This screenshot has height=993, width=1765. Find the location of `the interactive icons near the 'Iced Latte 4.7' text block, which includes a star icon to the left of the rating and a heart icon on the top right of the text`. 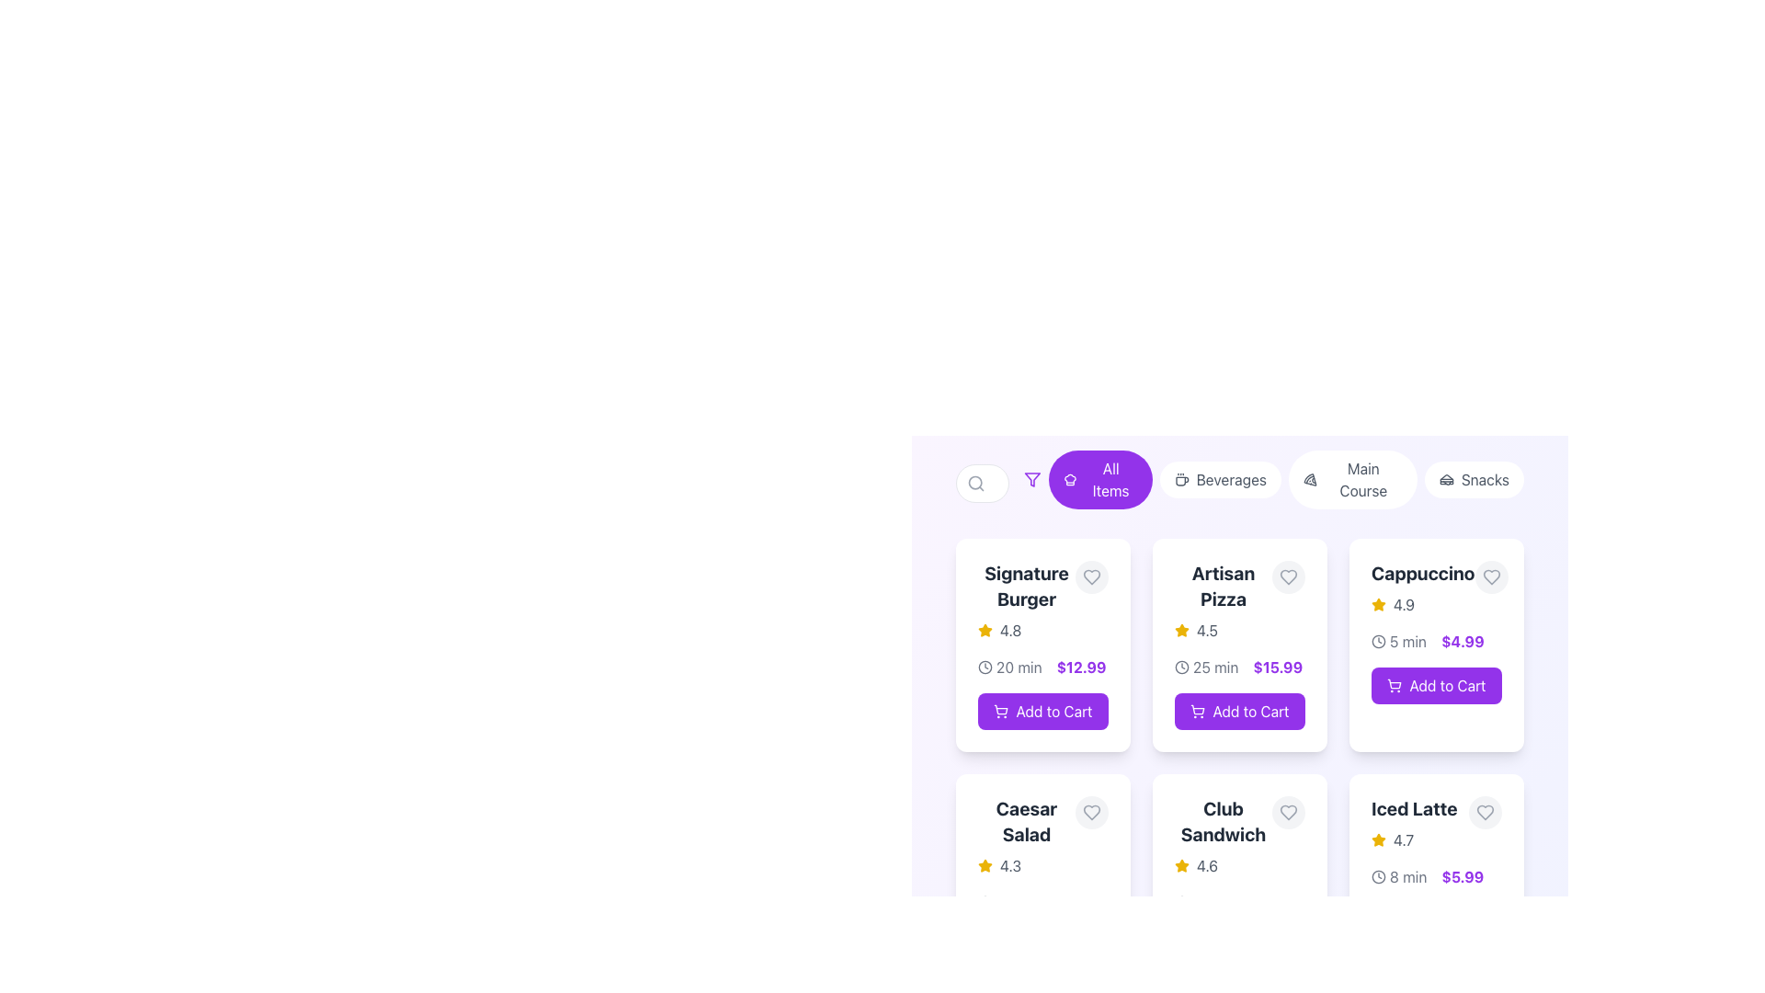

the interactive icons near the 'Iced Latte 4.7' text block, which includes a star icon to the left of the rating and a heart icon on the top right of the text is located at coordinates (1436, 822).